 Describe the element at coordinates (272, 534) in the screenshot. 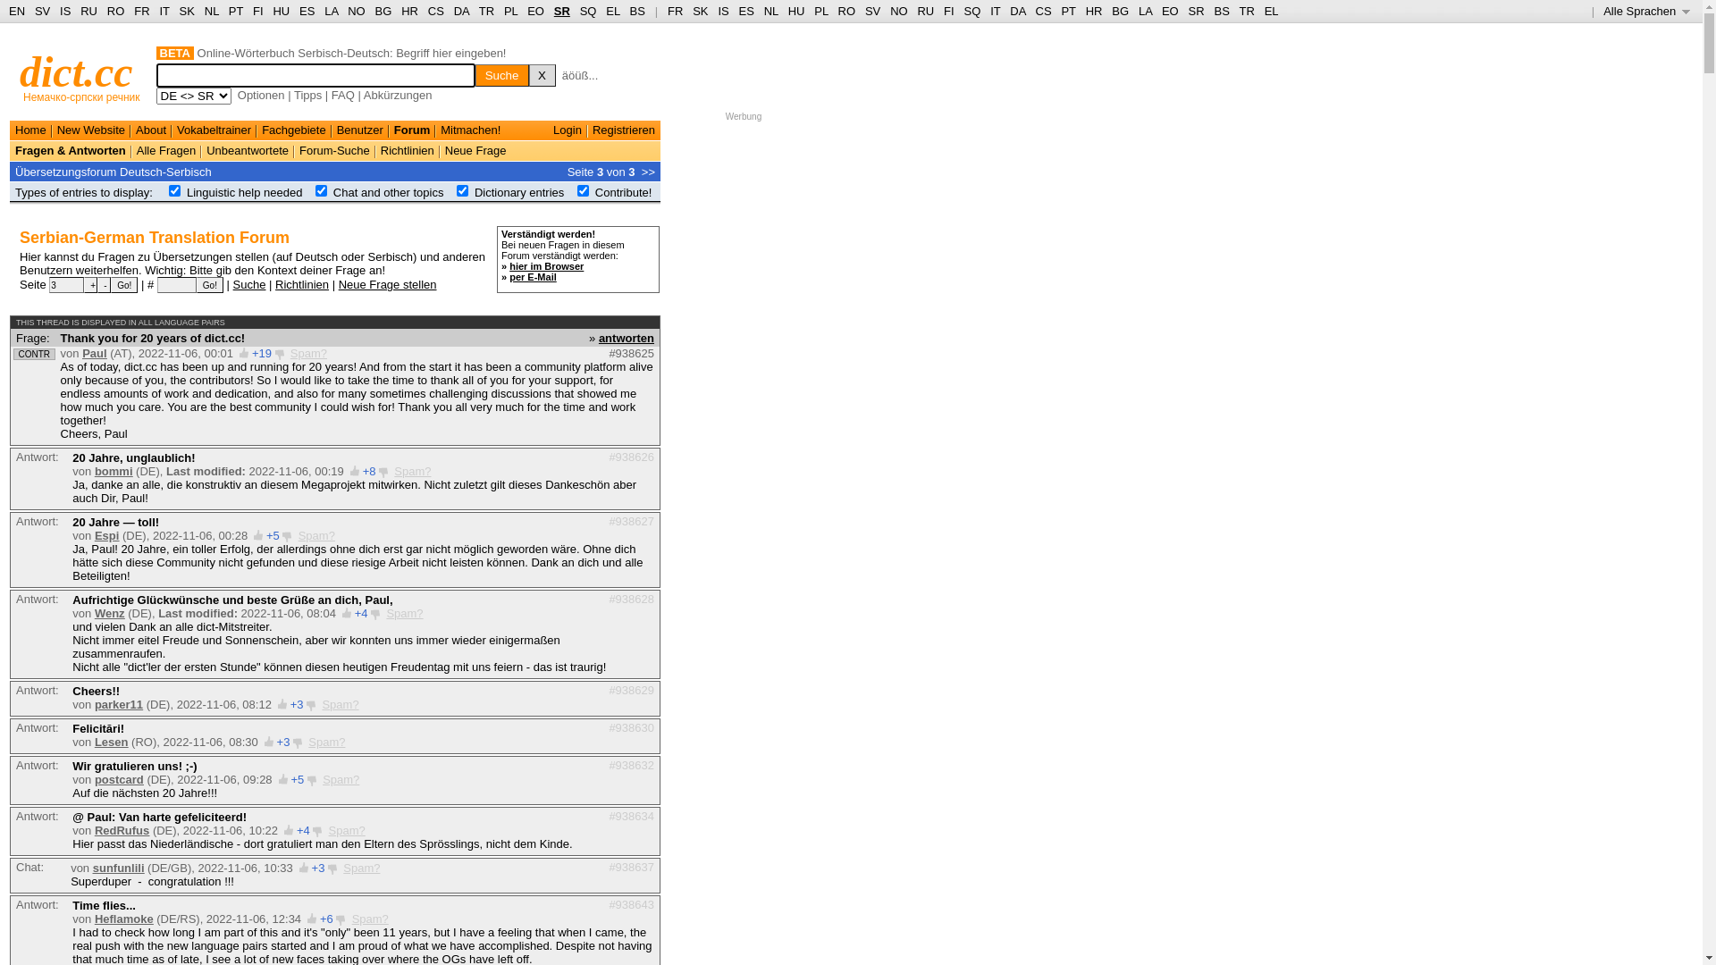

I see `'+5'` at that location.